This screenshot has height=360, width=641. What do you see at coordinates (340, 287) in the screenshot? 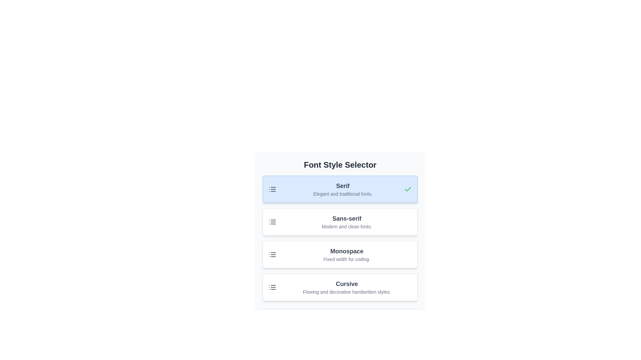
I see `the Selector option button` at bounding box center [340, 287].